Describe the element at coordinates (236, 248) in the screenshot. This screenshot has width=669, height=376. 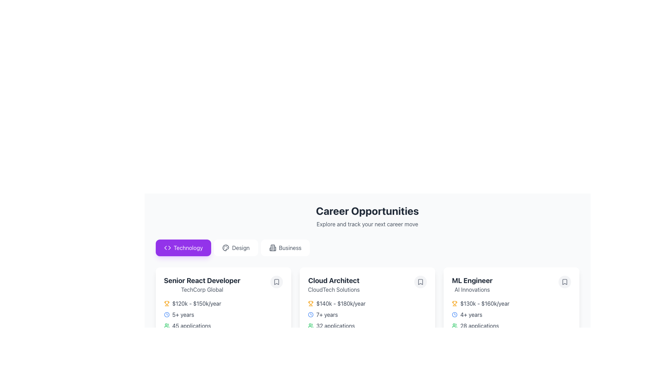
I see `the button that serves as a filter or category selector for 'Design'-related content, located between the 'Technology' button and the 'Business' button` at that location.